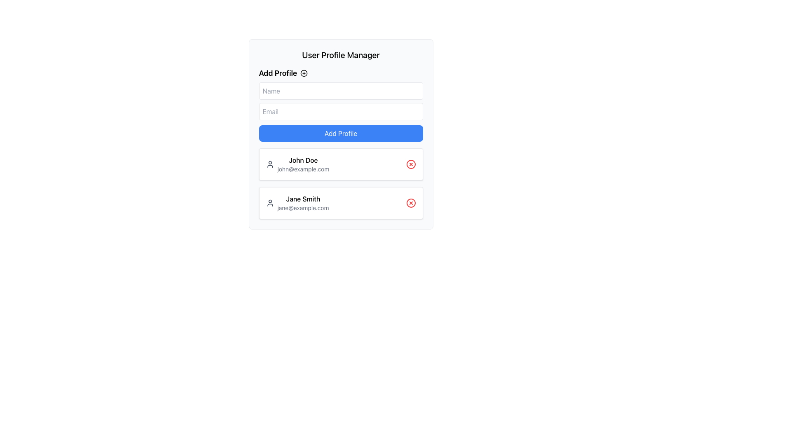 The width and height of the screenshot is (791, 445). Describe the element at coordinates (297, 203) in the screenshot. I see `to select the profile entry for 'Jane Smith', which is the second entry in the 'Add Profile' section, located below 'John Doe'` at that location.